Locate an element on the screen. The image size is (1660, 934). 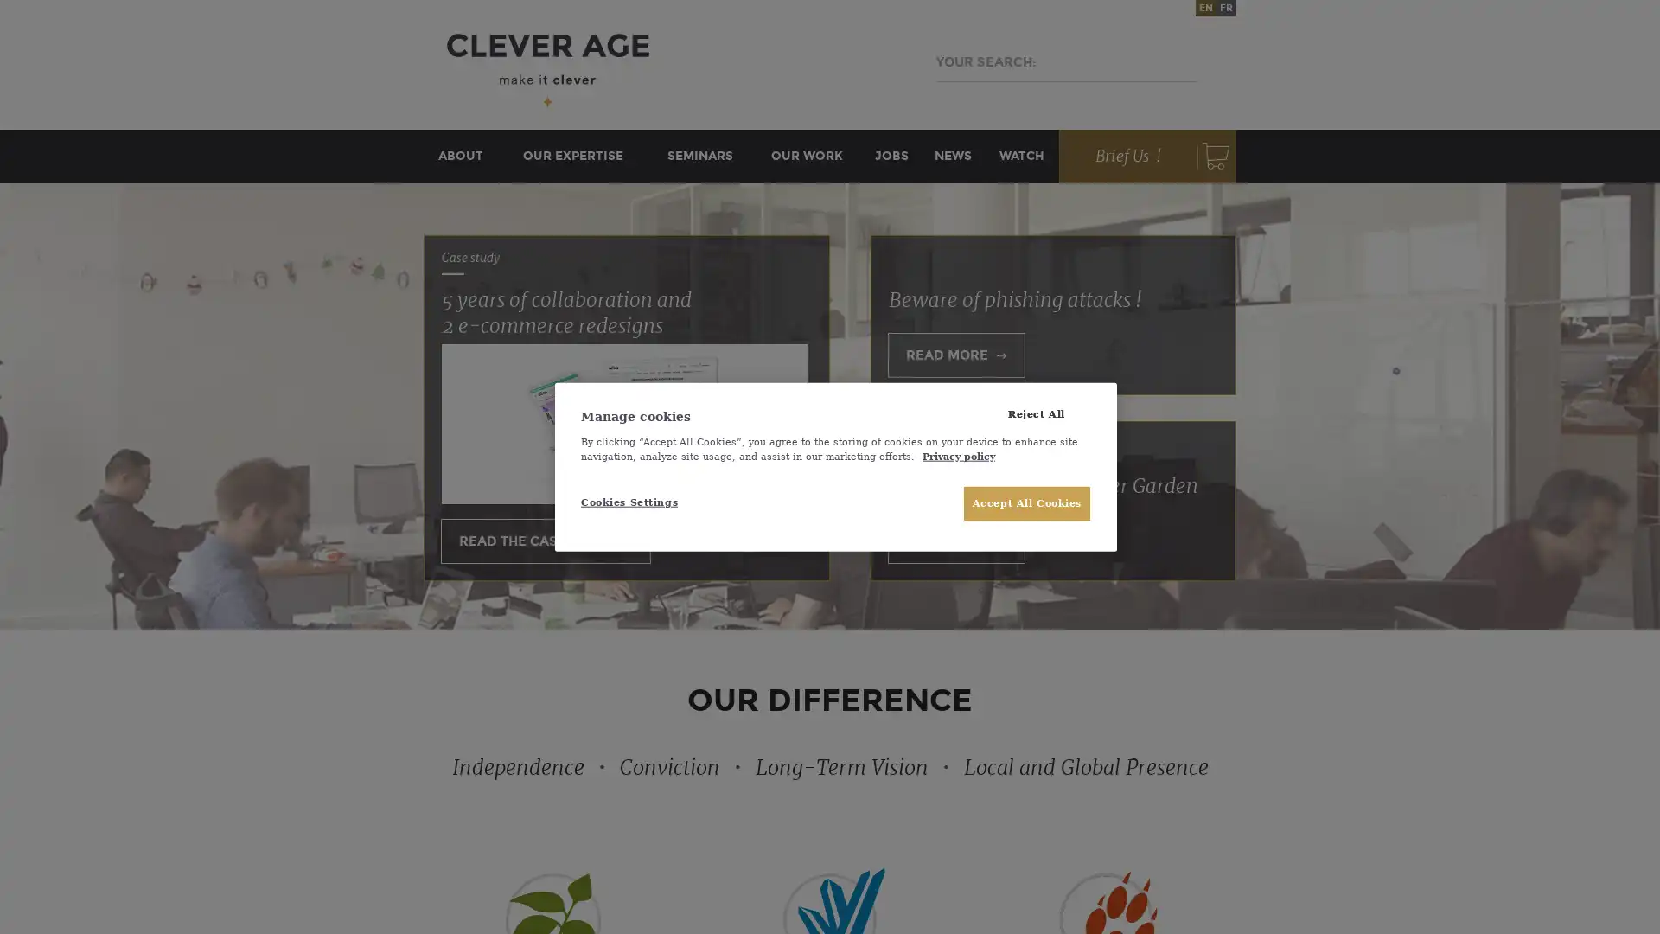
Start searching is located at coordinates (1174, 61).